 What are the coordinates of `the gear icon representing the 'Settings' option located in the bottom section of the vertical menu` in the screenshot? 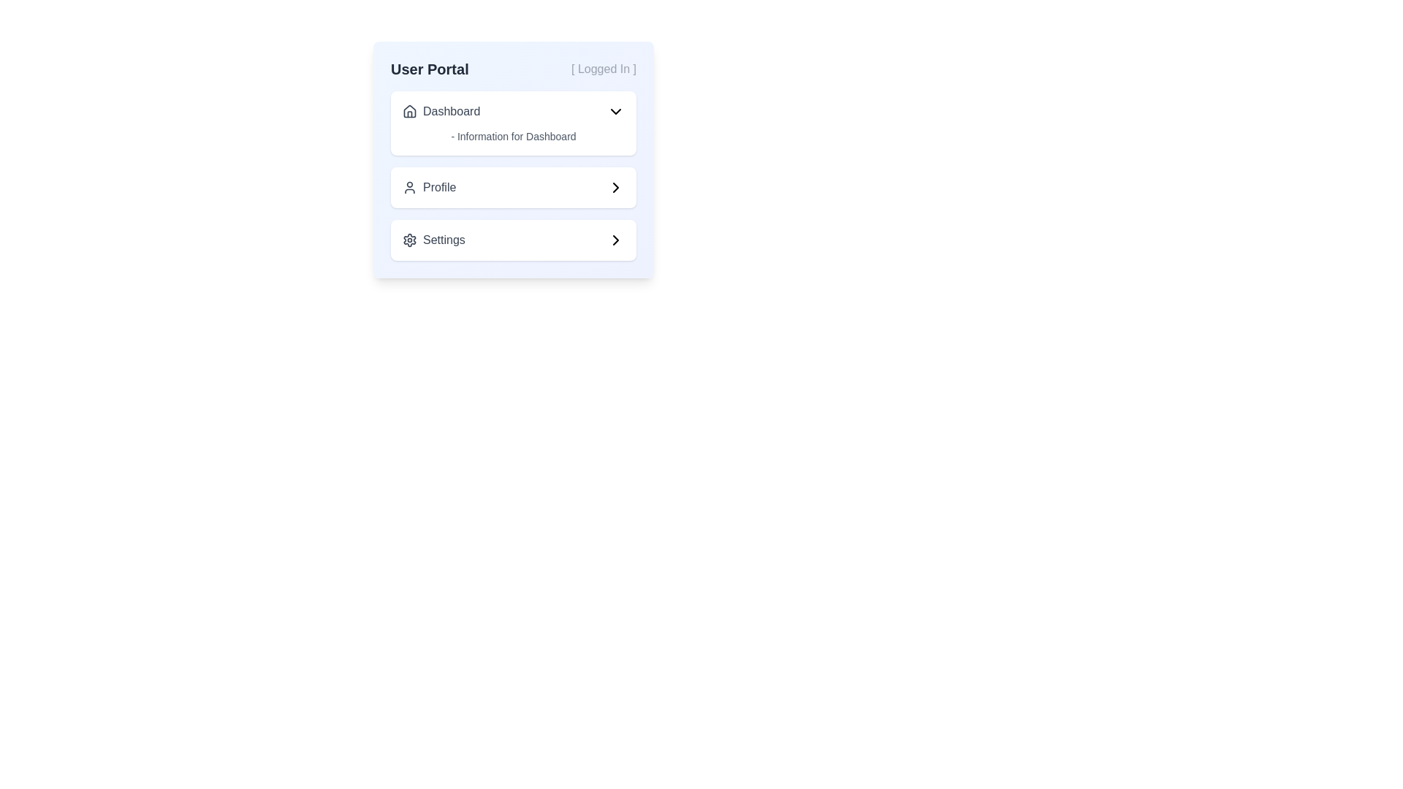 It's located at (409, 239).